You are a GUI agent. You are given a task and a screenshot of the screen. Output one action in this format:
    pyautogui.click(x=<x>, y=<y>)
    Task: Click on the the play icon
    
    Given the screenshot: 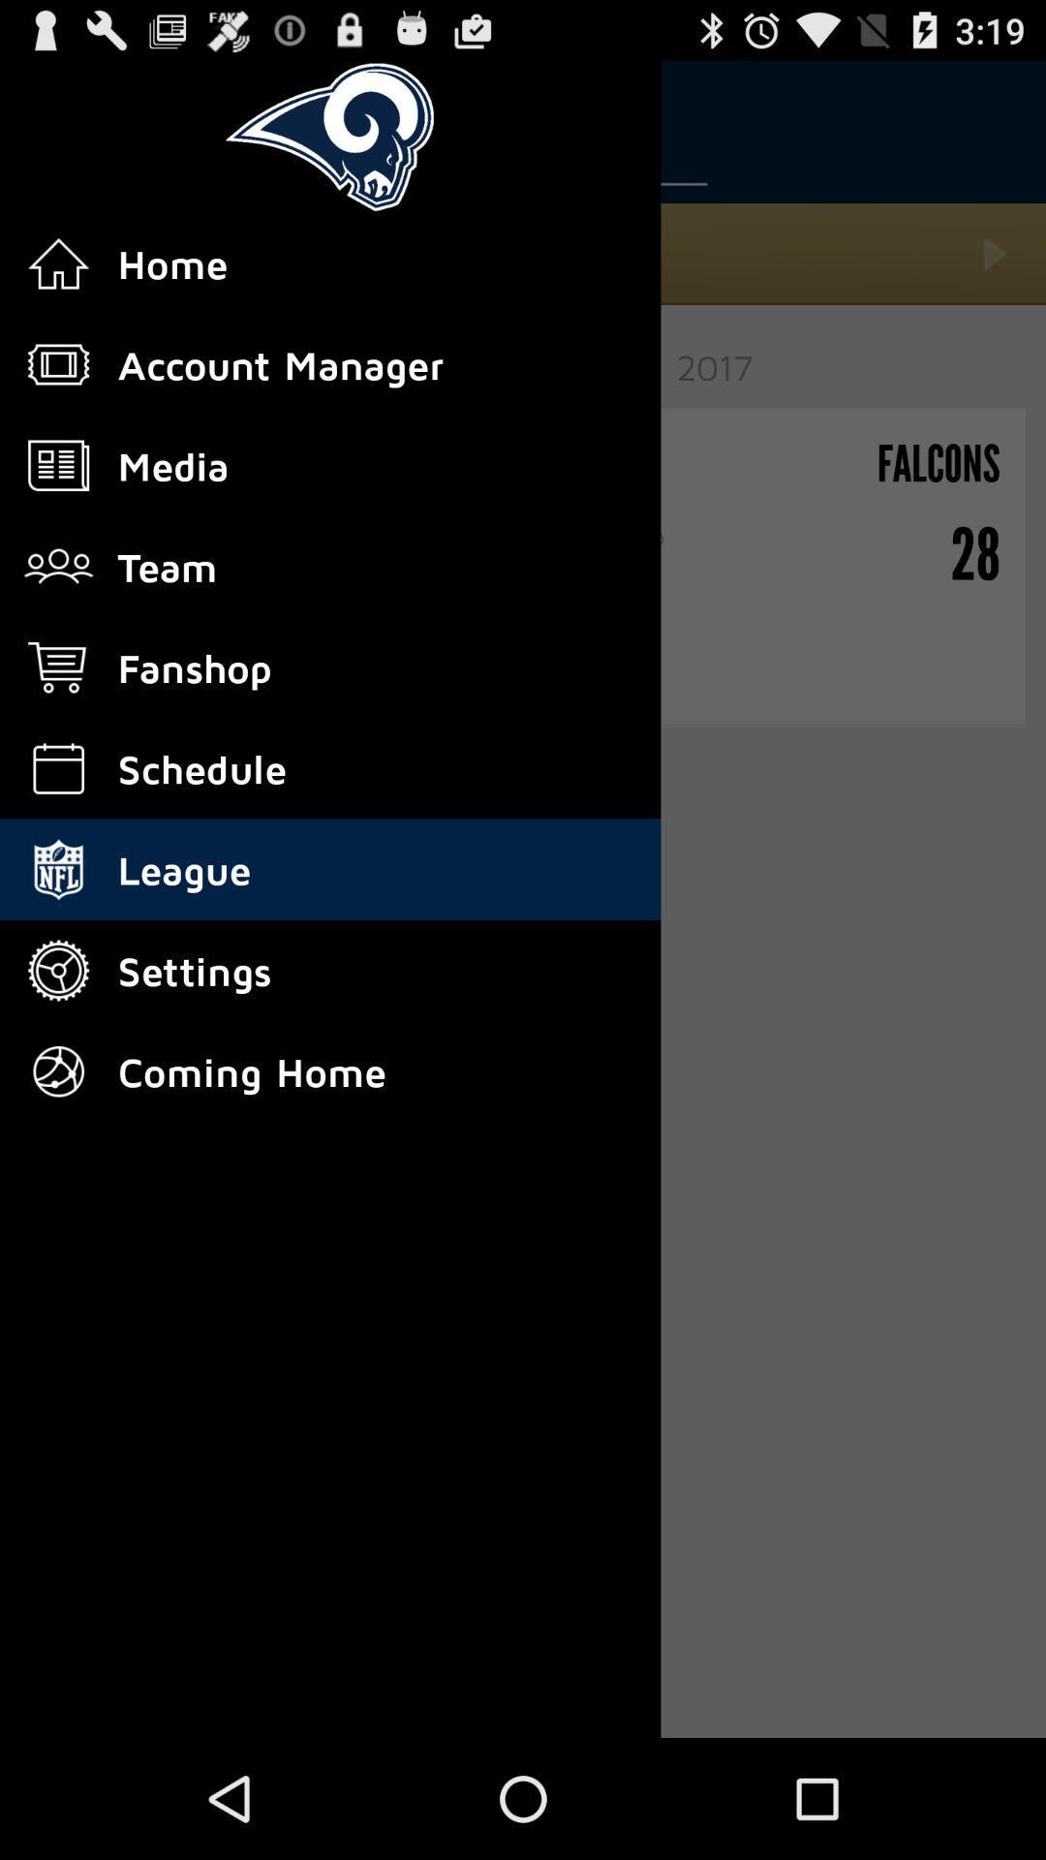 What is the action you would take?
    pyautogui.click(x=995, y=270)
    